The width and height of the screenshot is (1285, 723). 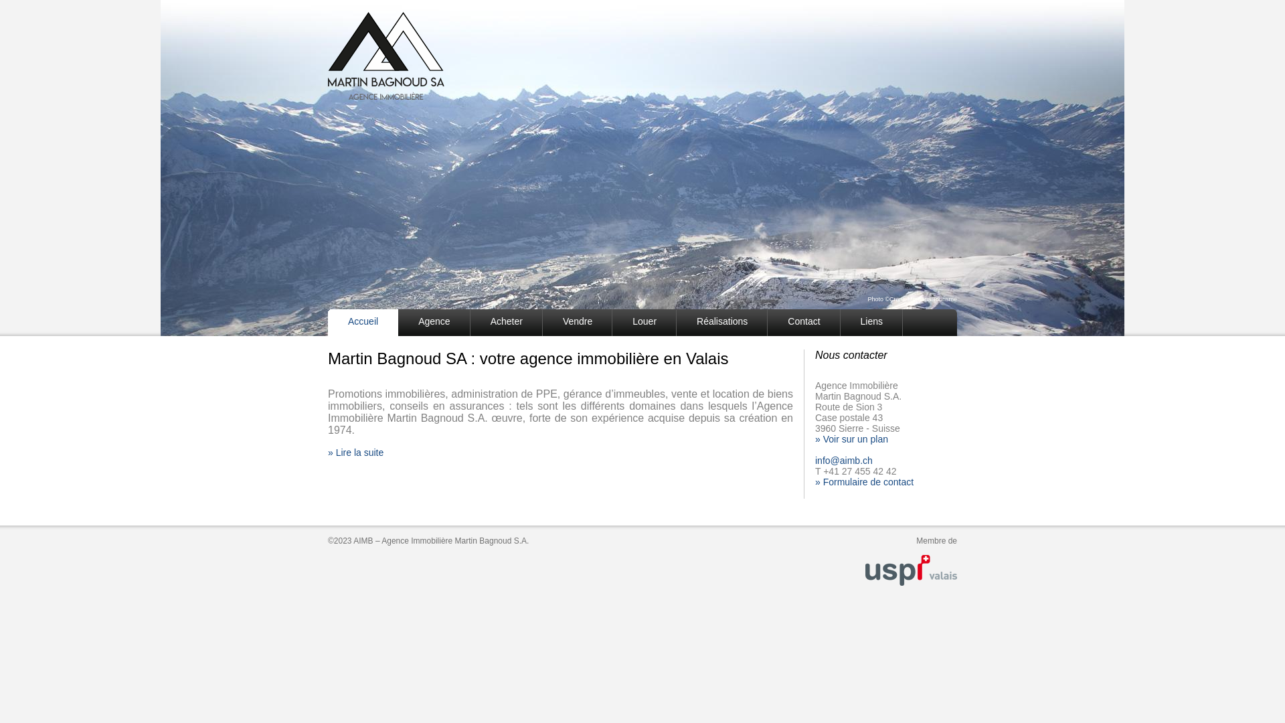 What do you see at coordinates (803, 323) in the screenshot?
I see `'Contact'` at bounding box center [803, 323].